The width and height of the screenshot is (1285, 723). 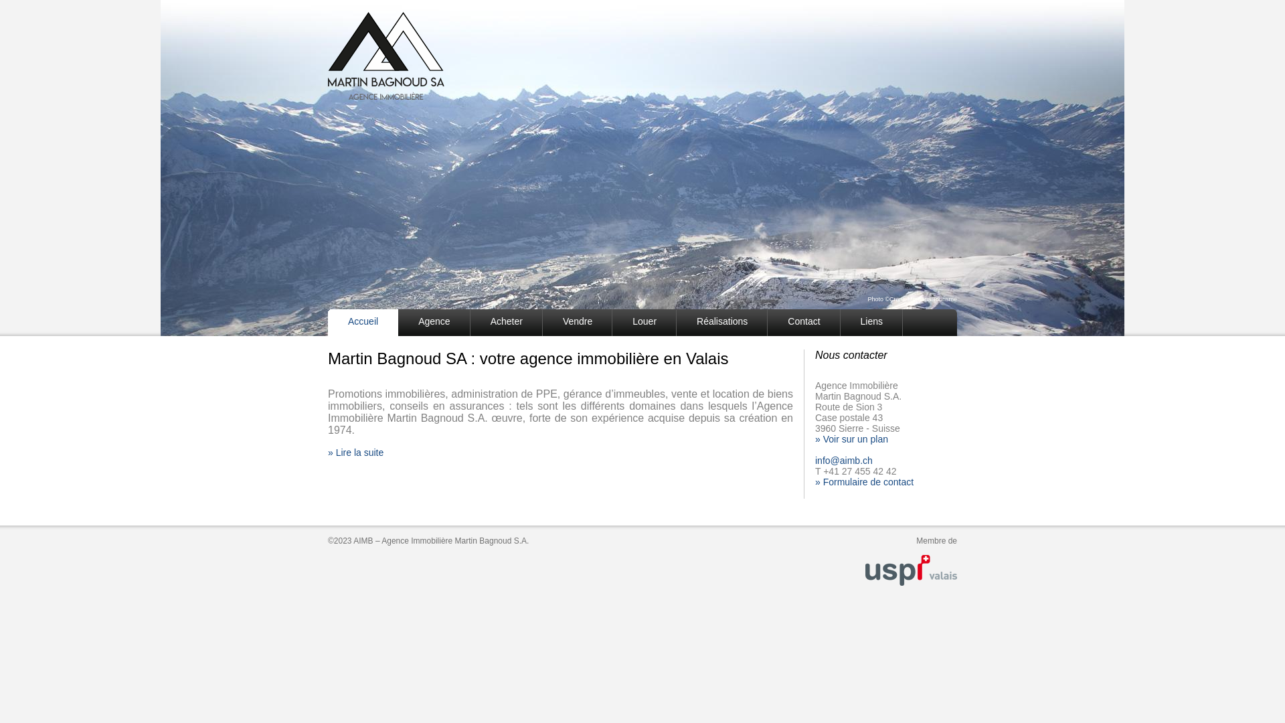 What do you see at coordinates (803, 323) in the screenshot?
I see `'Contact'` at bounding box center [803, 323].